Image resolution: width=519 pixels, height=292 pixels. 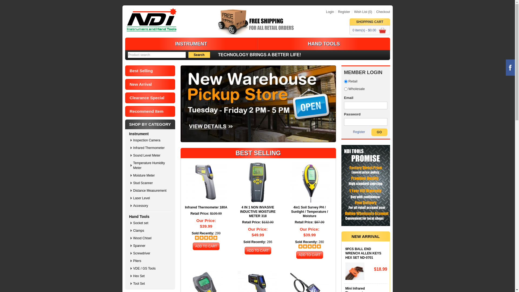 What do you see at coordinates (258, 211) in the screenshot?
I see `'4 IN 1 NON INVASIVE INDUCTIVE MOISTURE METER 318'` at bounding box center [258, 211].